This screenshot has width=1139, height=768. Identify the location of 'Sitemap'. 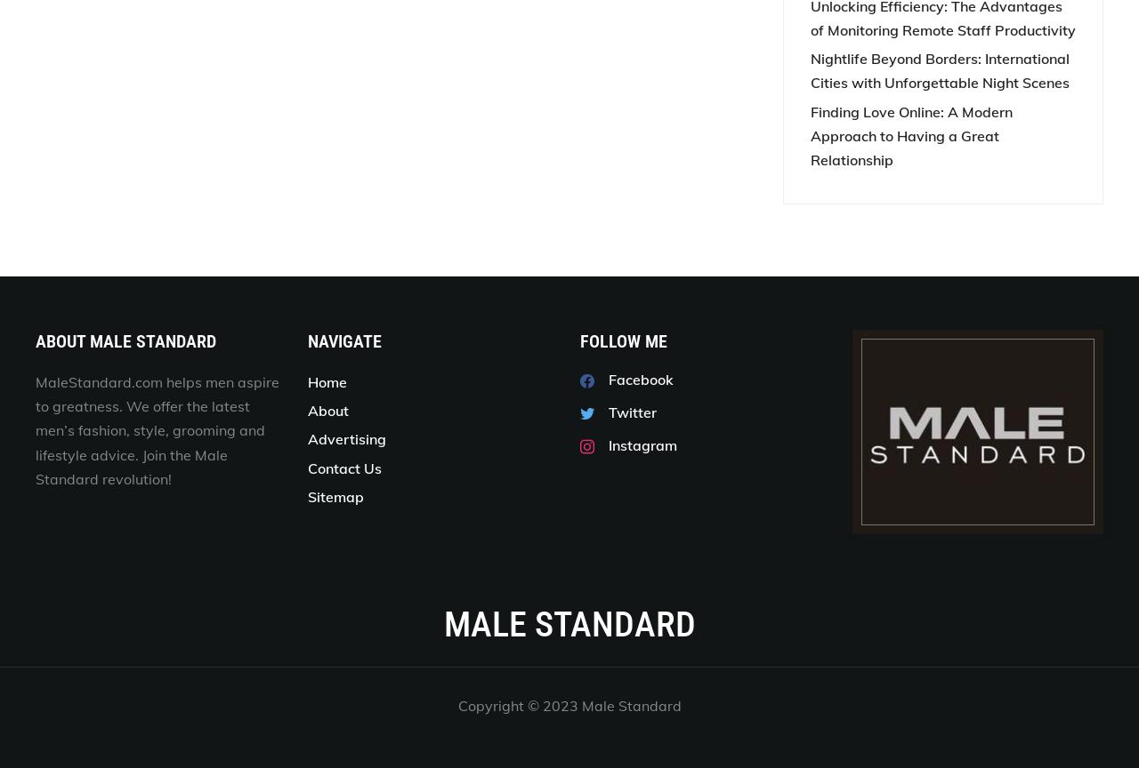
(335, 494).